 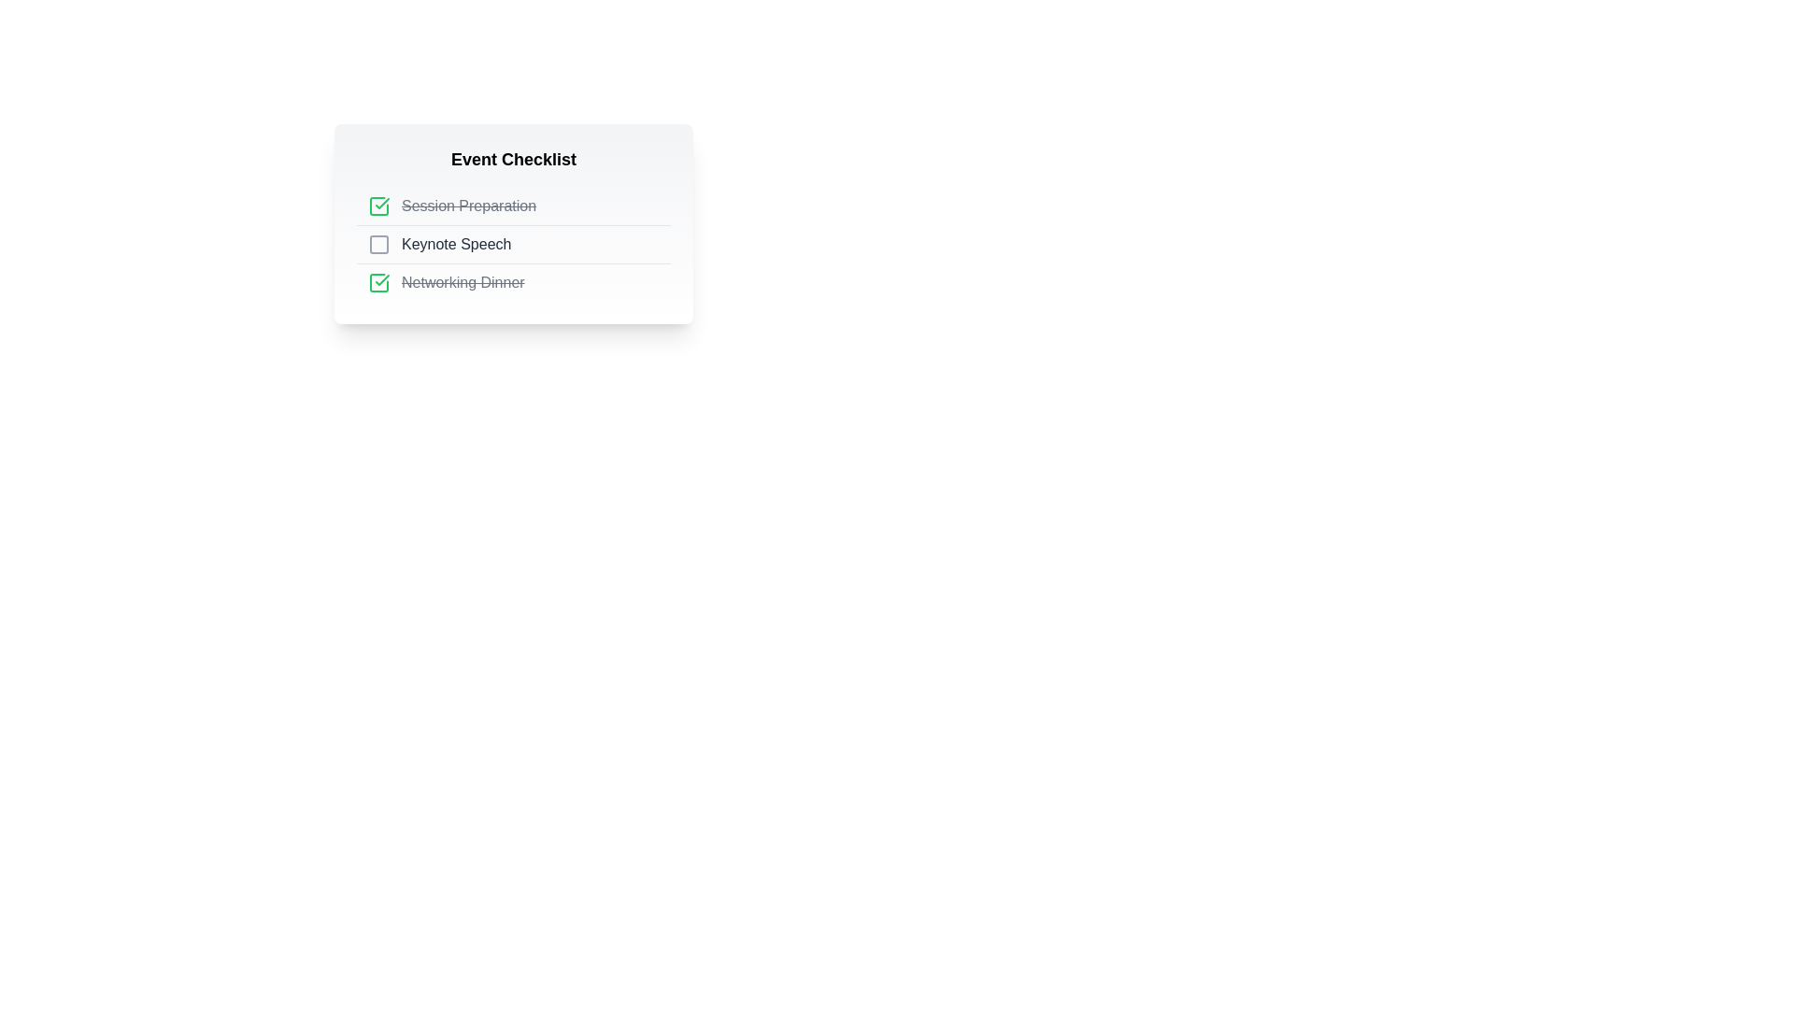 I want to click on the completed task label 'Session Preparation' in the Event Checklist, which is styled with strikethrough and gray color to indicate its completion, so click(x=469, y=206).